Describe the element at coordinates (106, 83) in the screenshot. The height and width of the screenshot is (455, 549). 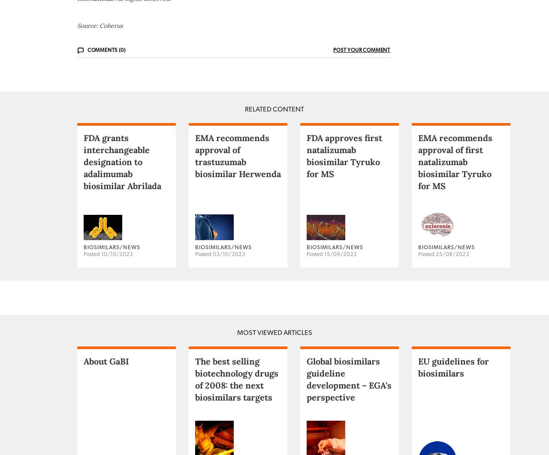
I see `'Comments (0)'` at that location.